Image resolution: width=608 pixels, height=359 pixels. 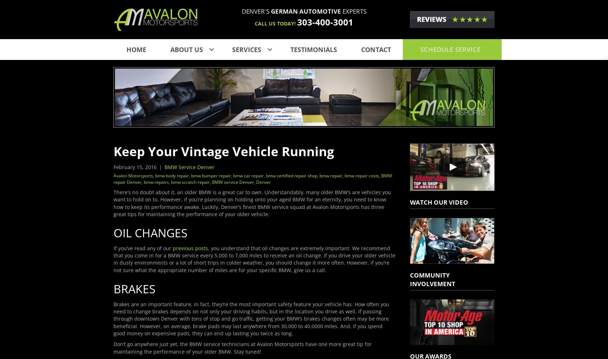 I want to click on 'Watch our video', so click(x=439, y=202).